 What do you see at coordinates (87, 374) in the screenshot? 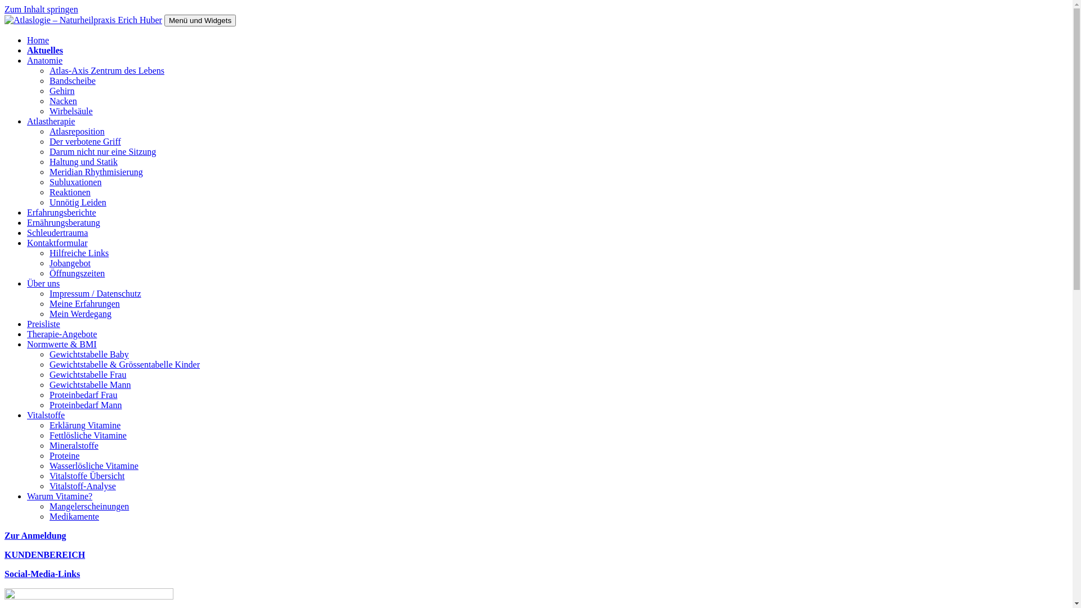
I see `'Gewichtstabelle Frau'` at bounding box center [87, 374].